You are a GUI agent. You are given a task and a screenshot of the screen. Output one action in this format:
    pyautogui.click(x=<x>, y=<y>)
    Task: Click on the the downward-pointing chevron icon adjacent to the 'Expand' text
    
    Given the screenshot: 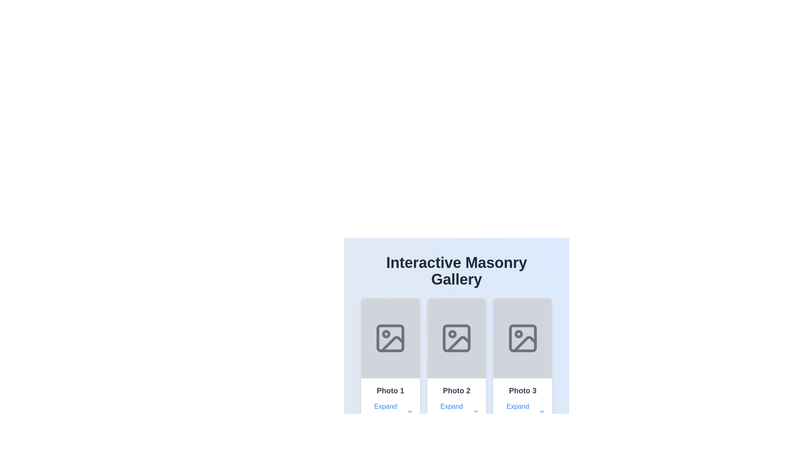 What is the action you would take?
    pyautogui.click(x=542, y=411)
    